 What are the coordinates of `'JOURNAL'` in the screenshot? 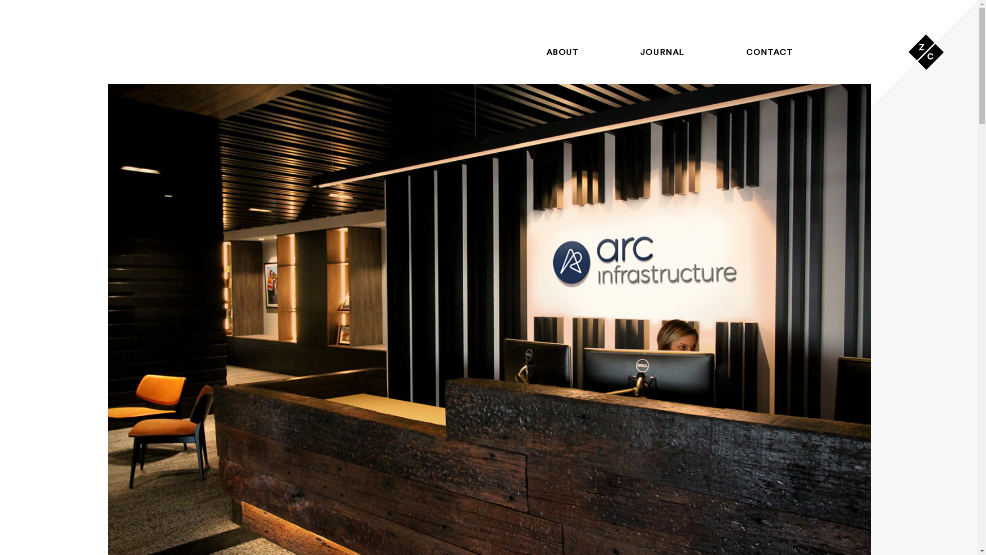 It's located at (662, 52).